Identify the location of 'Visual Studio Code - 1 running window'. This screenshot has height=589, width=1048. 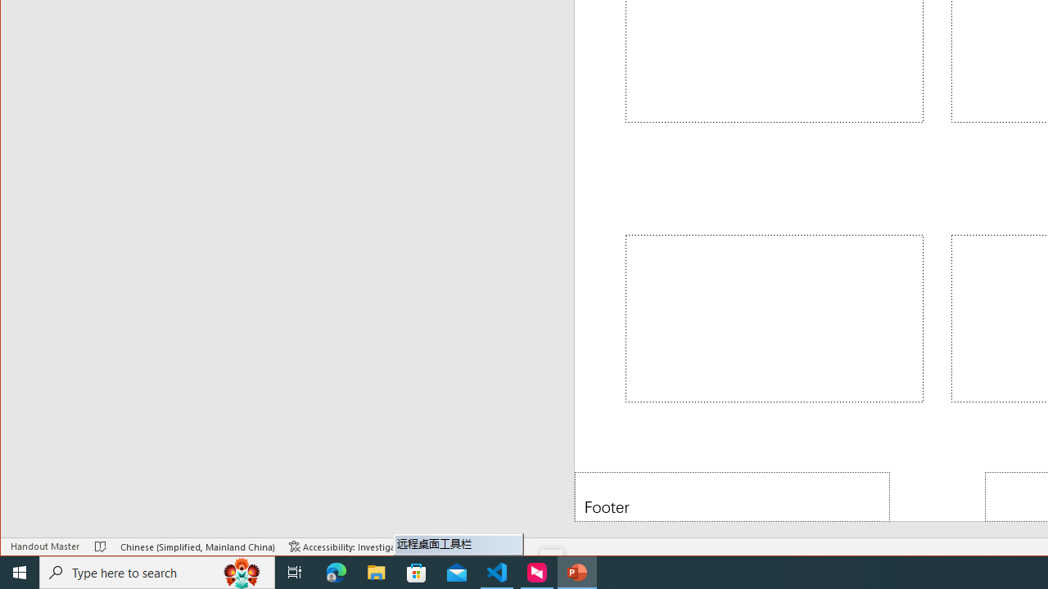
(496, 571).